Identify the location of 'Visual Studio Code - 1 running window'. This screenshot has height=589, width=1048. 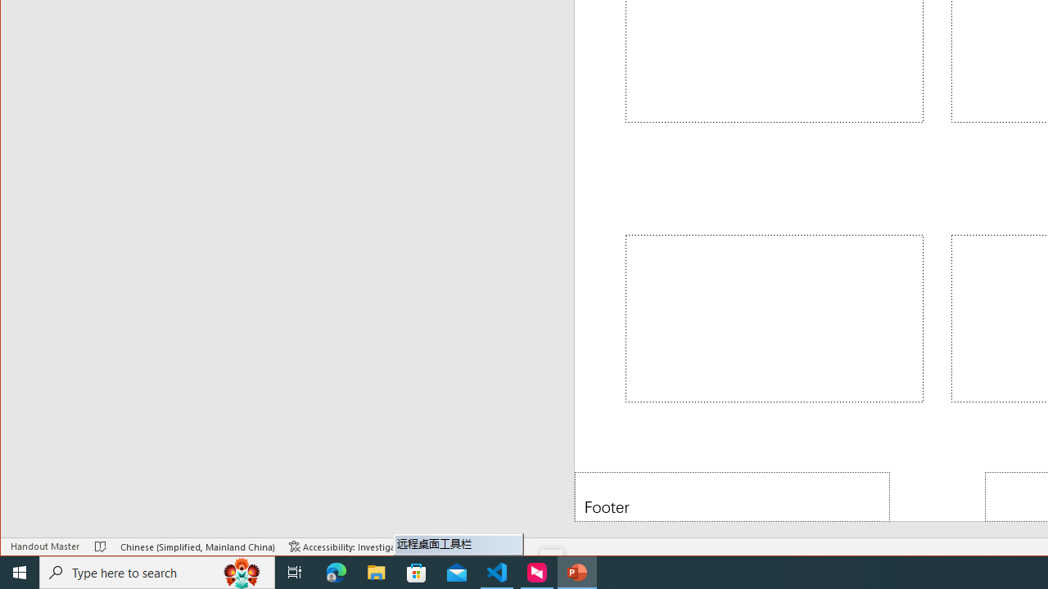
(496, 571).